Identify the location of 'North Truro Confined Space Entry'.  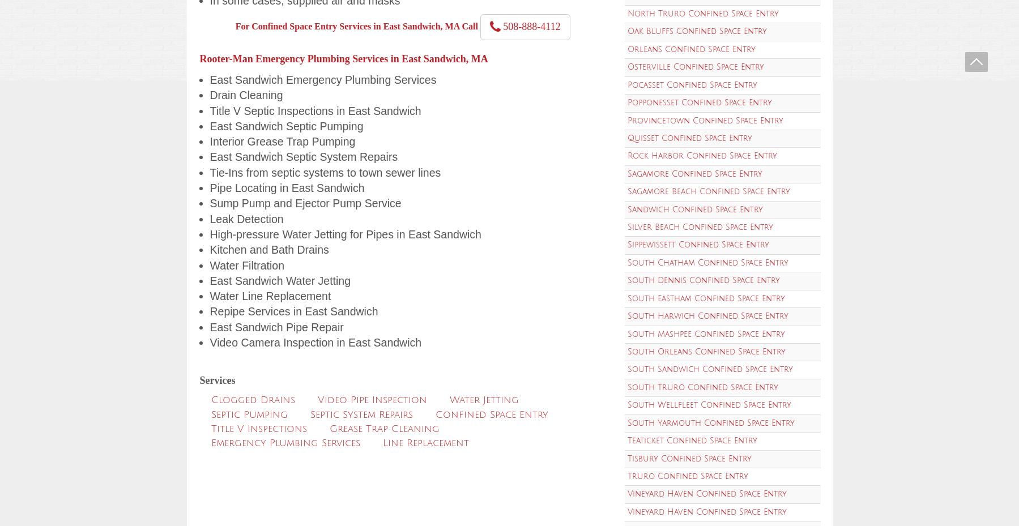
(702, 13).